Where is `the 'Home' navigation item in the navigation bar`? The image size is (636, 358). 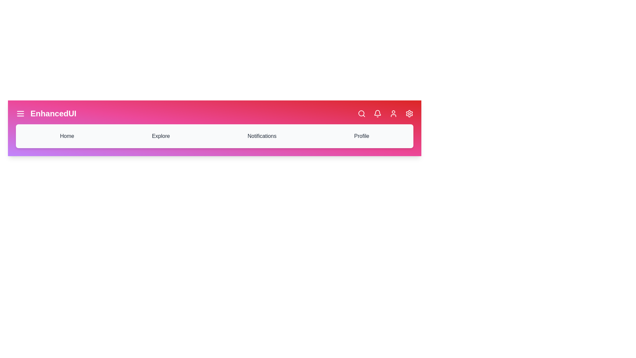 the 'Home' navigation item in the navigation bar is located at coordinates (67, 136).